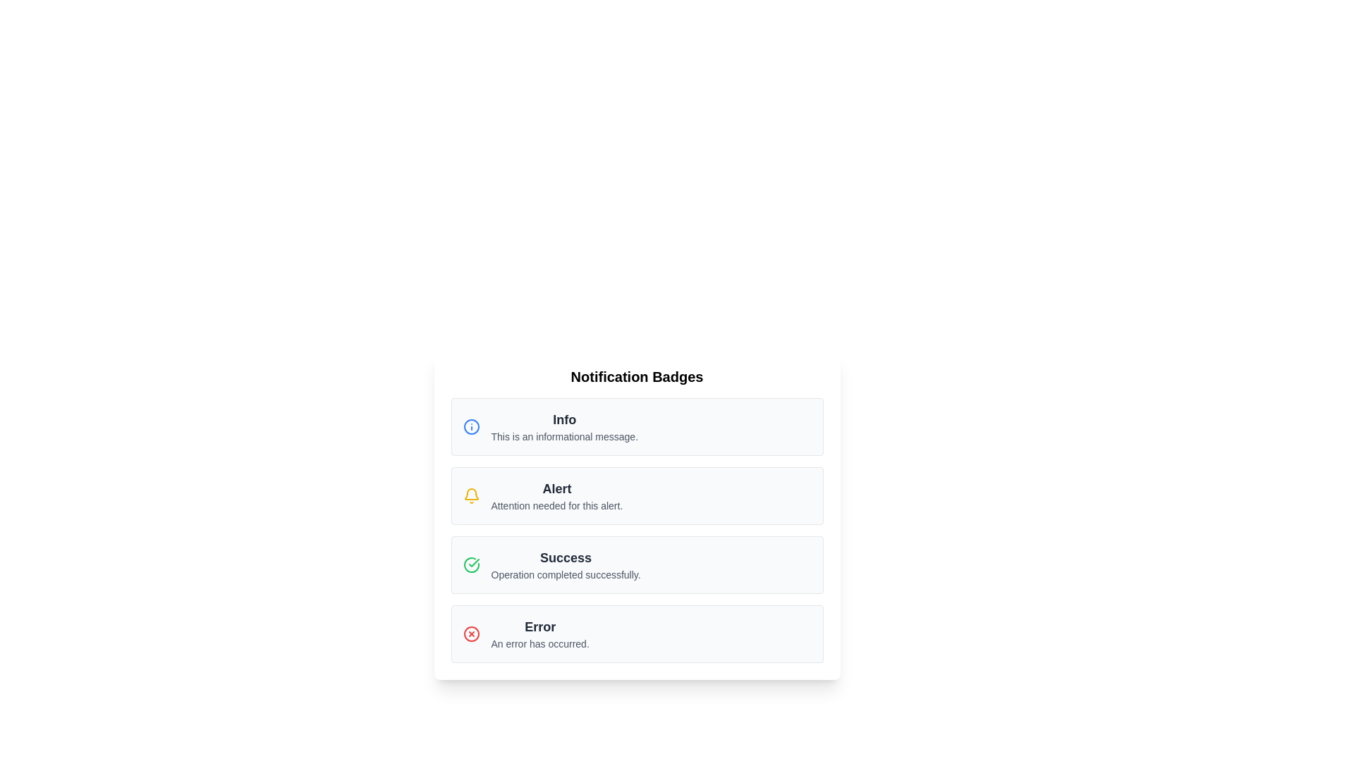 The height and width of the screenshot is (761, 1354). I want to click on the bell-shaped icon outlined in yellow located in the 'Alert' section of the notification badges panel, positioned above the text 'Attention needed for this alert.', so click(471, 495).